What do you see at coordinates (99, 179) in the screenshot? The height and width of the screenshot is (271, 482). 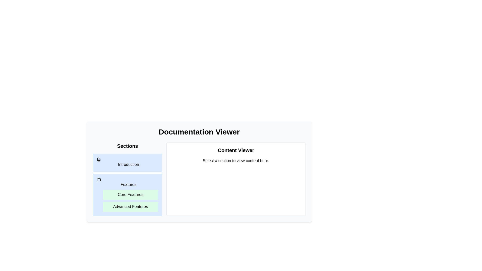 I see `the folder icon representing the 'Features' section in the left-side navigation bar of the 'Documentation Viewer' interface` at bounding box center [99, 179].